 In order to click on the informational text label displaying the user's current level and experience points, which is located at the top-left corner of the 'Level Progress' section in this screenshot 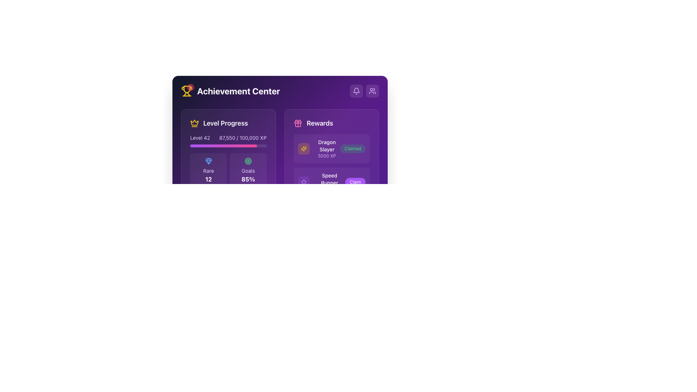, I will do `click(228, 138)`.